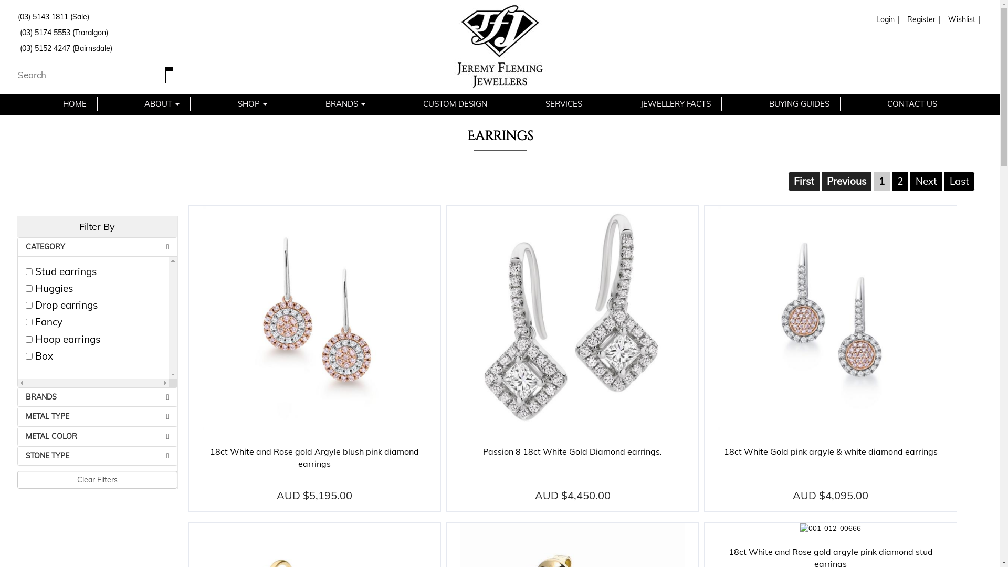  Describe the element at coordinates (97, 480) in the screenshot. I see `'Clear Filters'` at that location.